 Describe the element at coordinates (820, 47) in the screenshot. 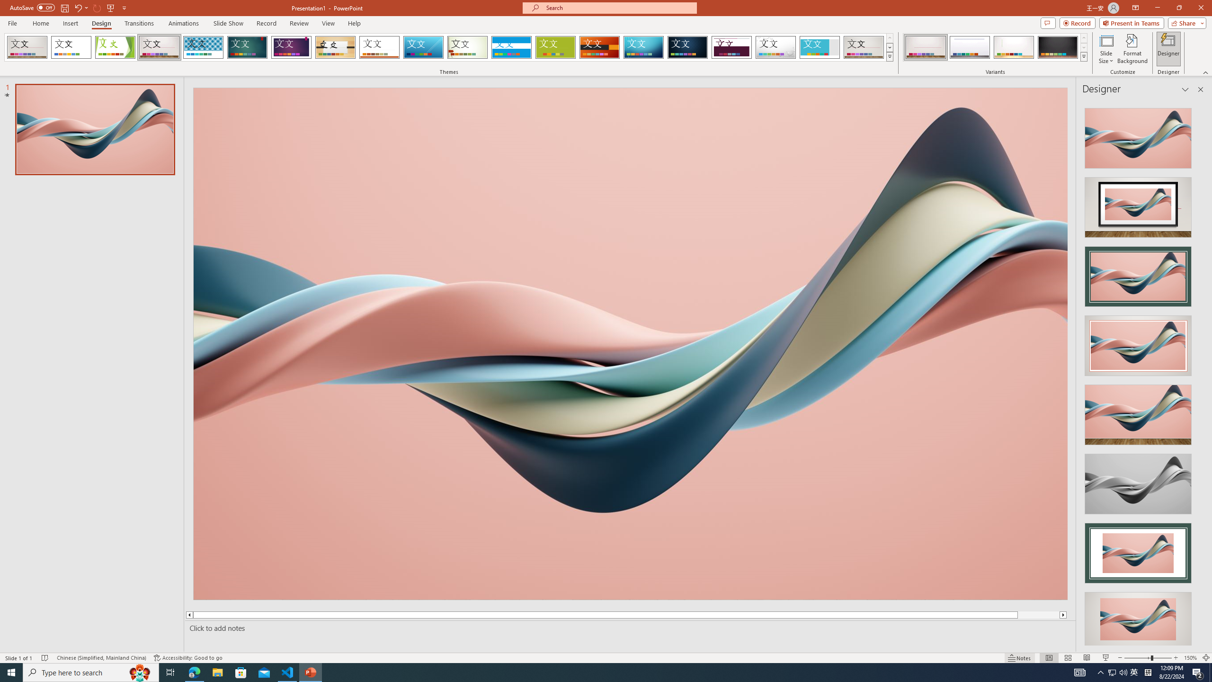

I see `'Frame'` at that location.